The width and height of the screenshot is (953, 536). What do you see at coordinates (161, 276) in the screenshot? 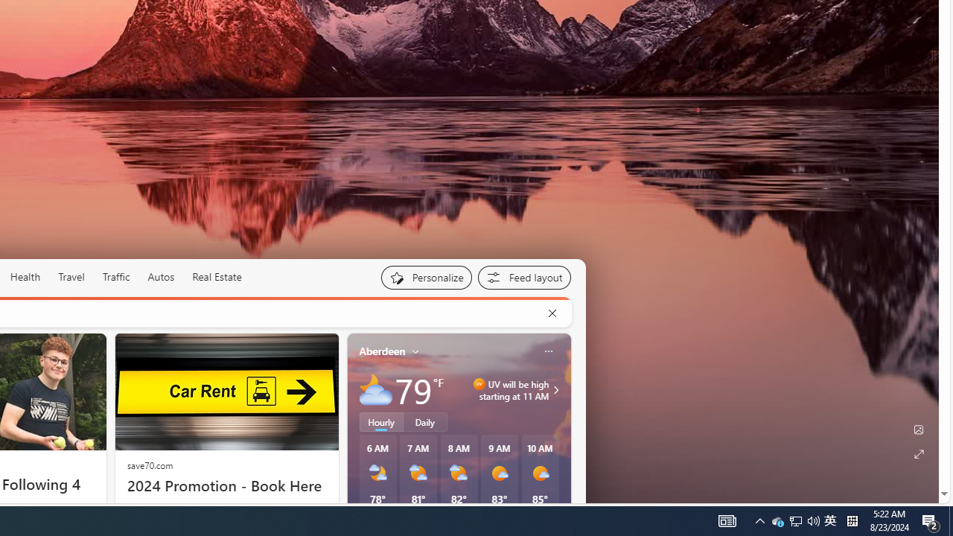
I see `'Autos'` at bounding box center [161, 276].